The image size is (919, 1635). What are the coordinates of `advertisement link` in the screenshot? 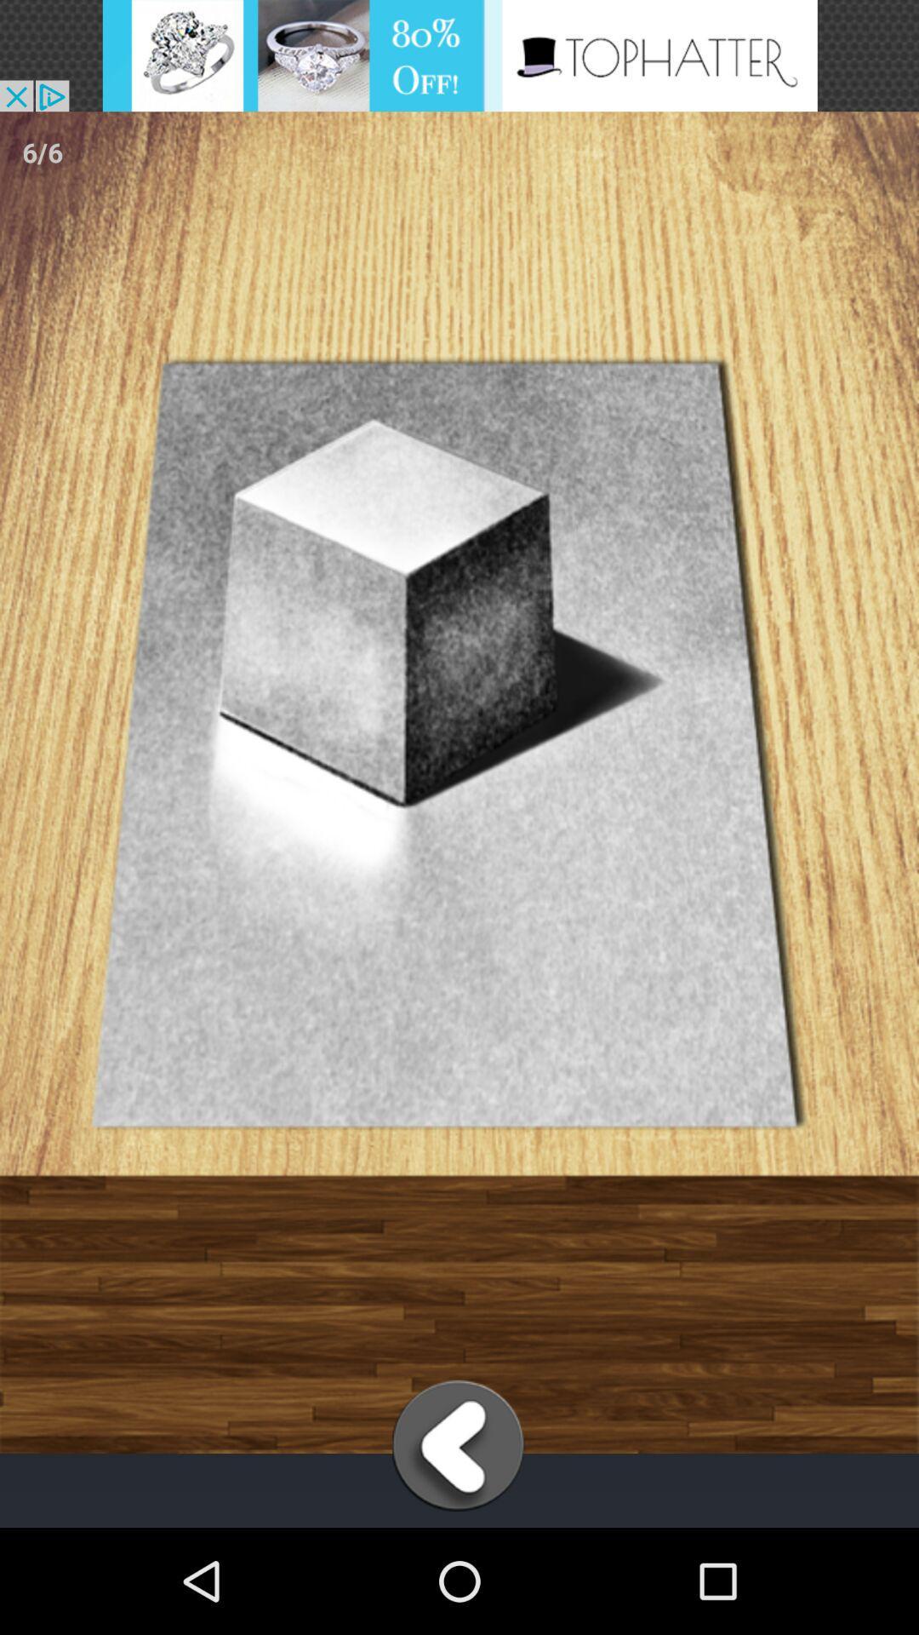 It's located at (459, 55).